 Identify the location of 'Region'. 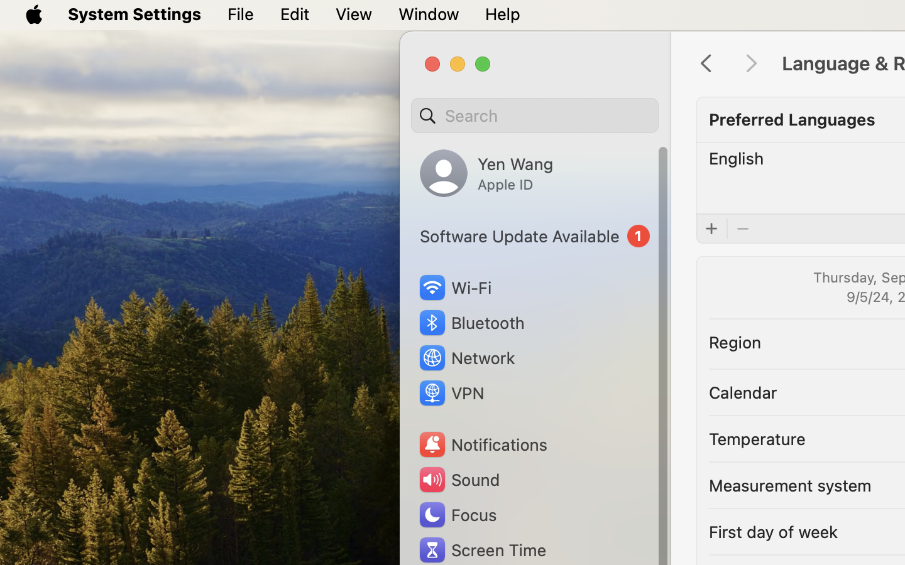
(735, 340).